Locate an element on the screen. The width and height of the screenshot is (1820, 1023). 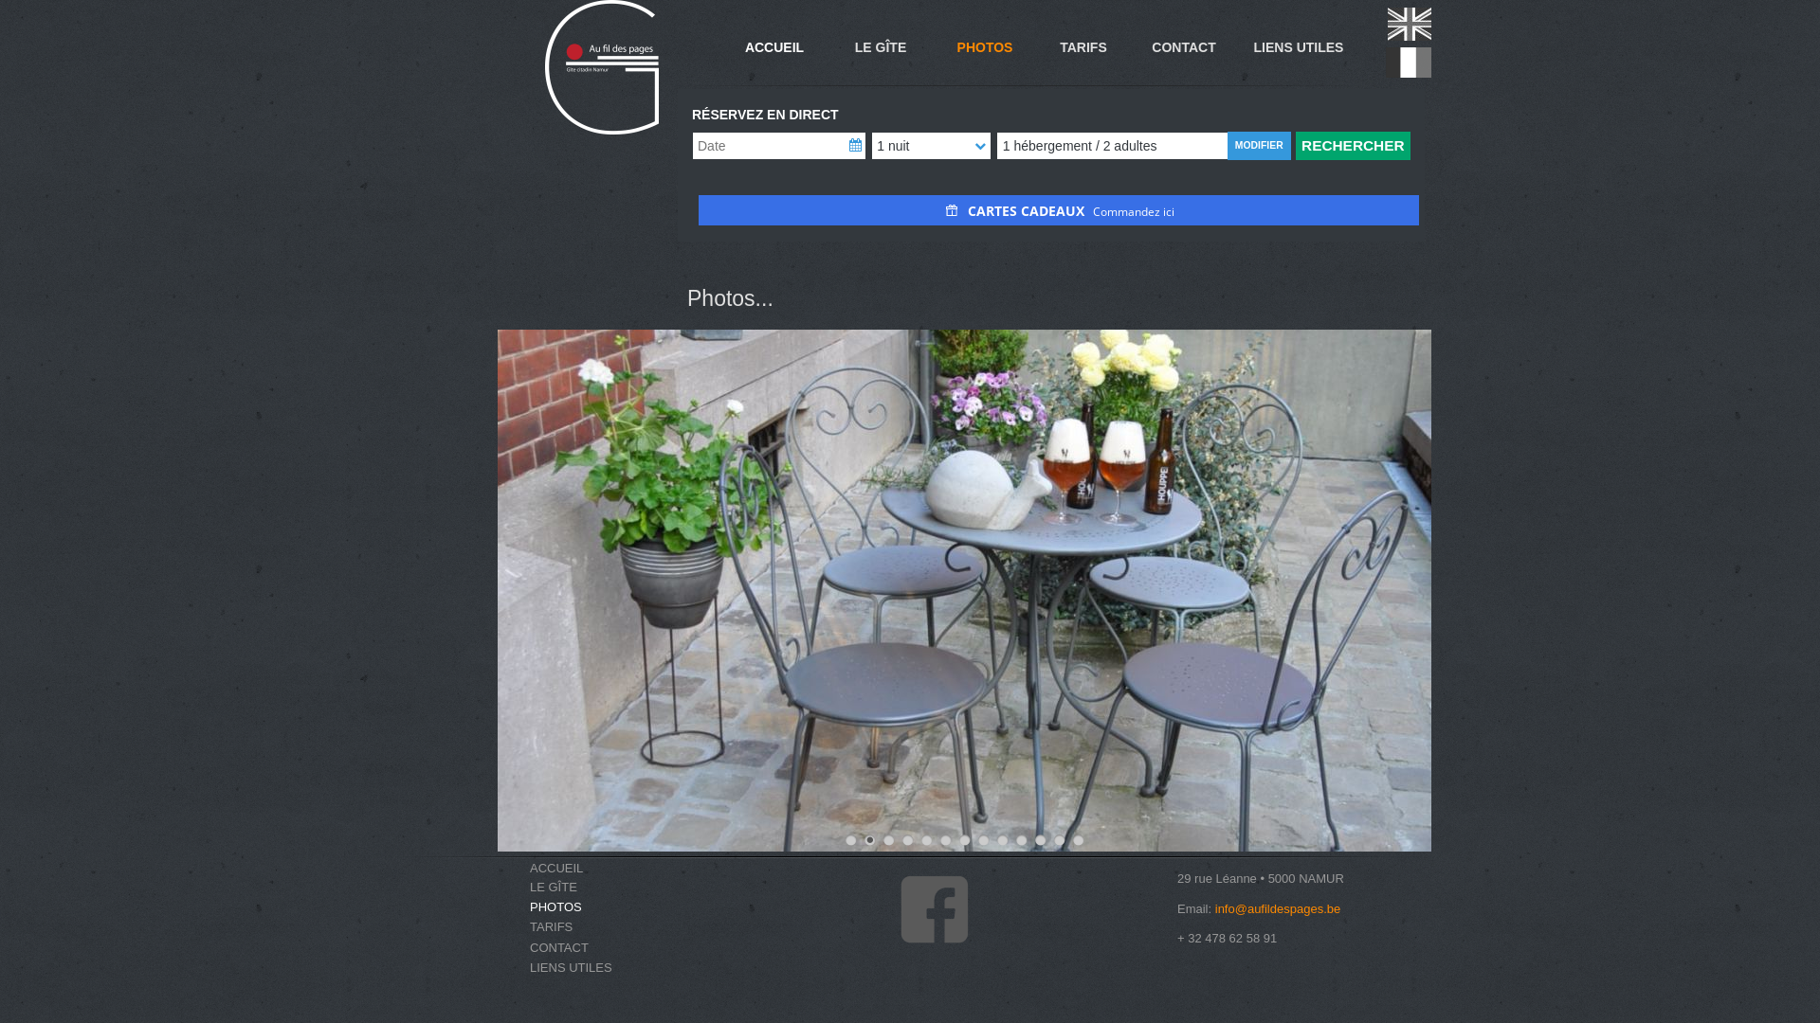
'RECHERCHER' is located at coordinates (1295, 145).